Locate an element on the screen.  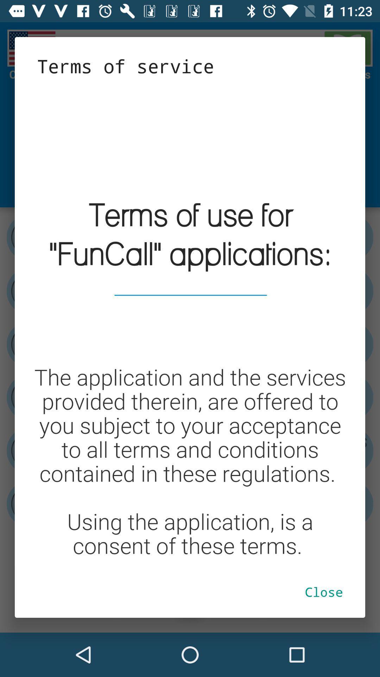
the item below terms of service icon is located at coordinates (190, 322).